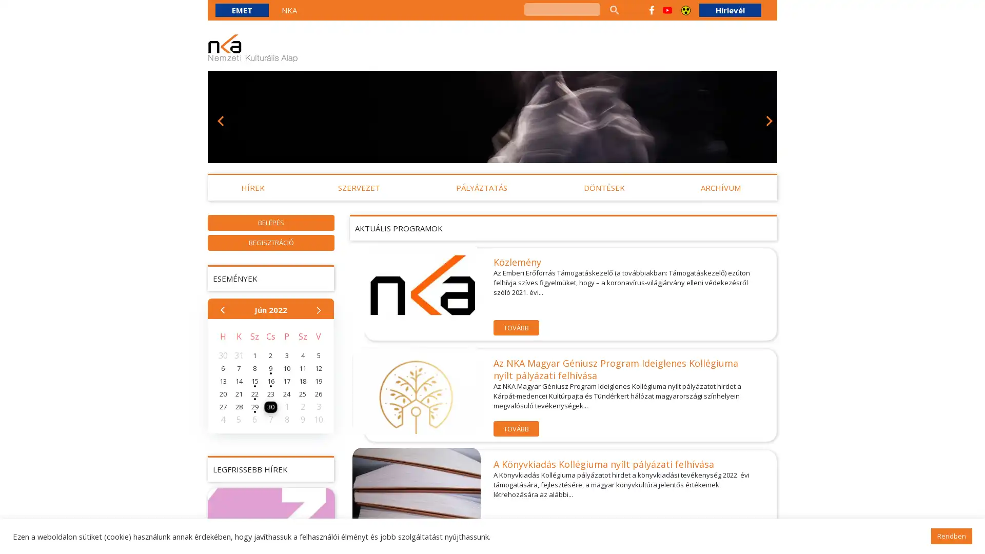 The width and height of the screenshot is (985, 554). I want to click on SZERVEZET, so click(359, 188).